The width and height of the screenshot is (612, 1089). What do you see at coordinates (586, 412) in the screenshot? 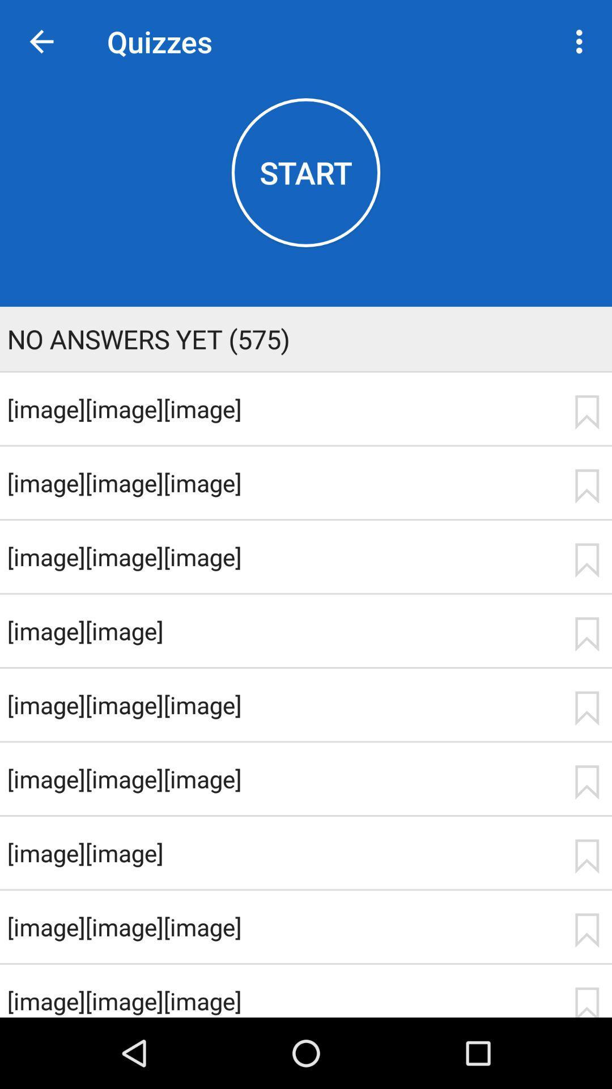
I see `to bookmark` at bounding box center [586, 412].